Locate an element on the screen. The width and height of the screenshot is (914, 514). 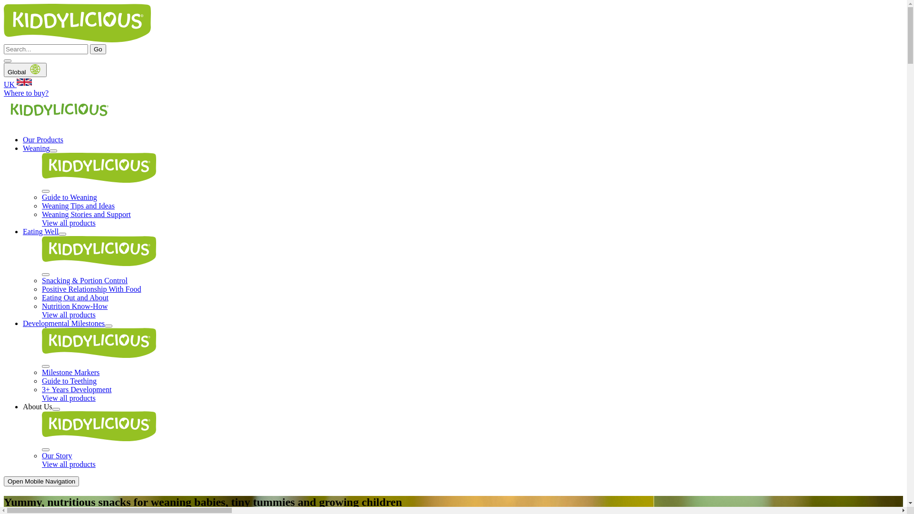
'Guide to Weaning' is located at coordinates (69, 197).